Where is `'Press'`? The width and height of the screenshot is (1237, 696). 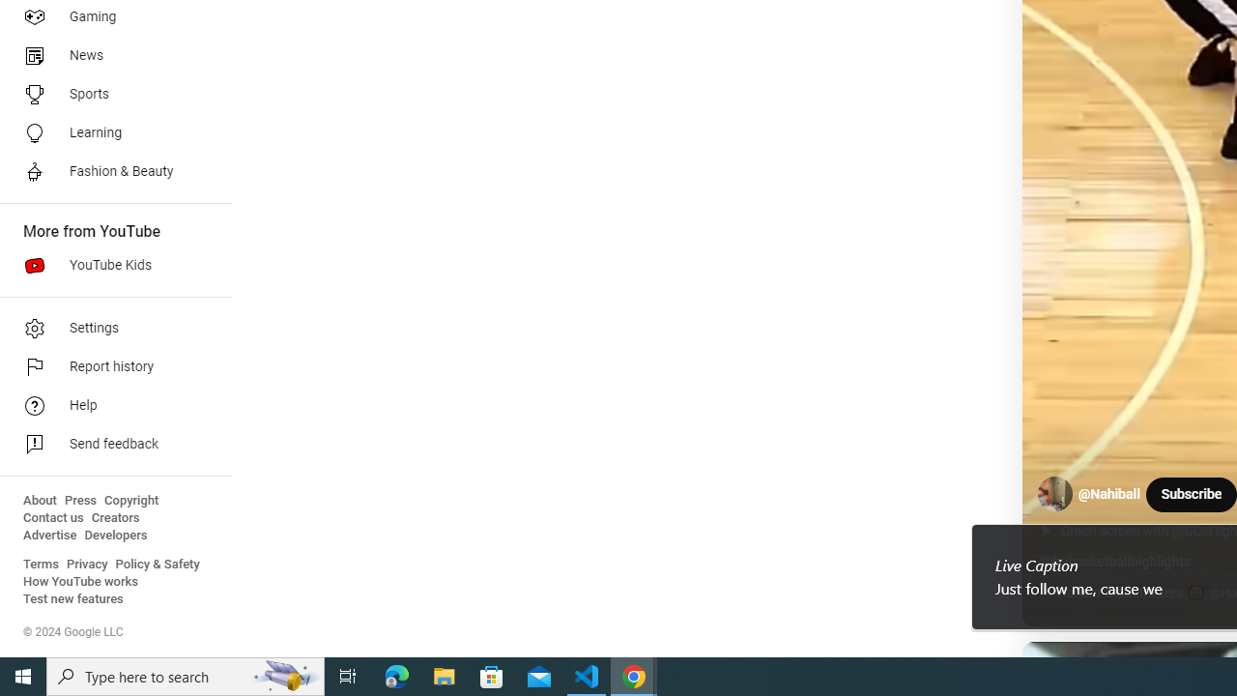 'Press' is located at coordinates (79, 500).